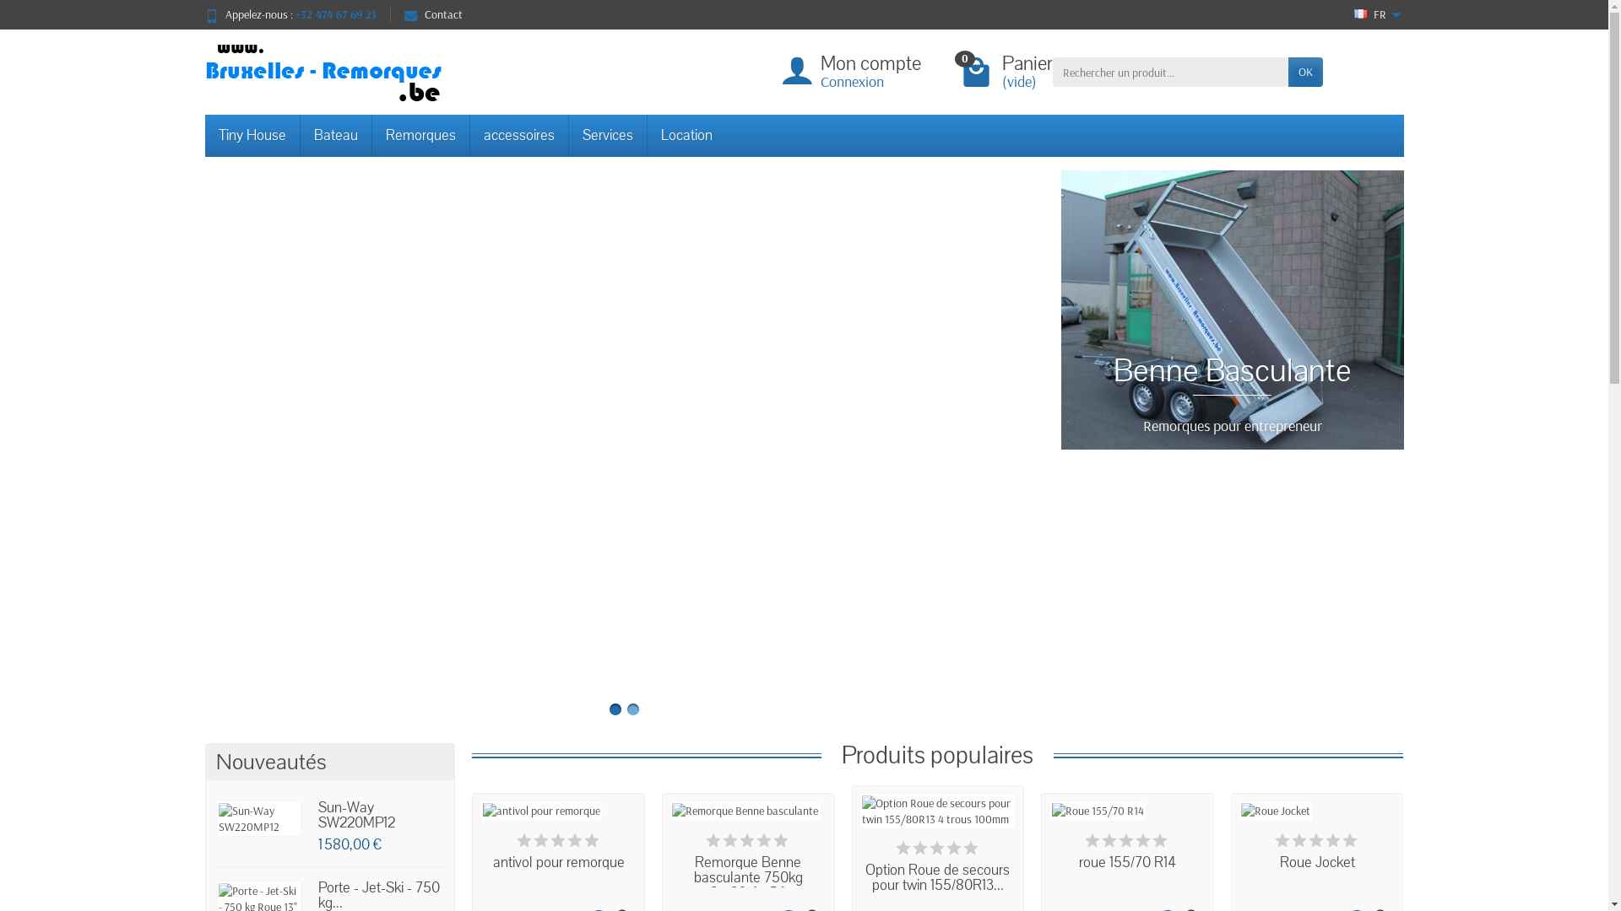 This screenshot has height=911, width=1621. Describe the element at coordinates (559, 862) in the screenshot. I see `'antivol pour remorque'` at that location.